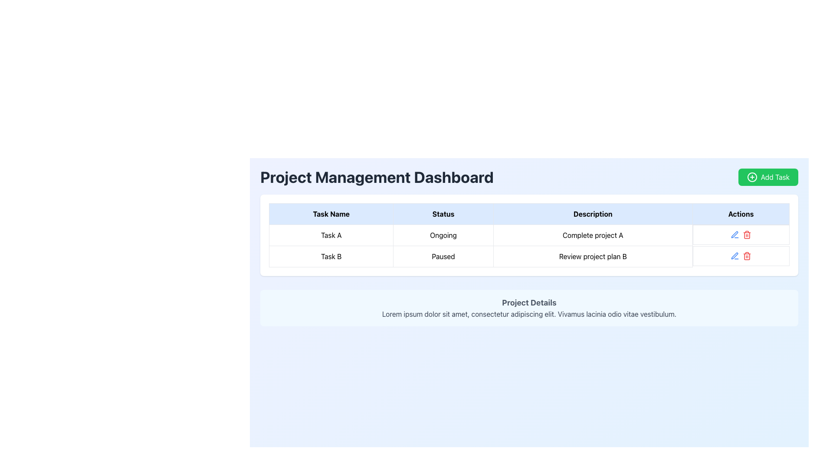 The image size is (833, 468). What do you see at coordinates (747, 255) in the screenshot?
I see `the delete icon button for 'Task B' located in the actions section of the last row of the table` at bounding box center [747, 255].